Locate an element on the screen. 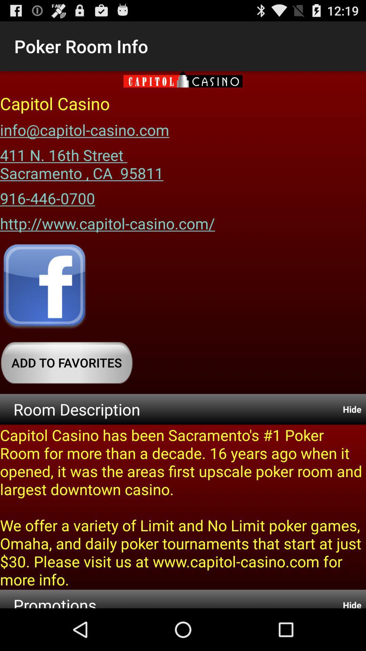  916-446-0700 icon is located at coordinates (47, 195).